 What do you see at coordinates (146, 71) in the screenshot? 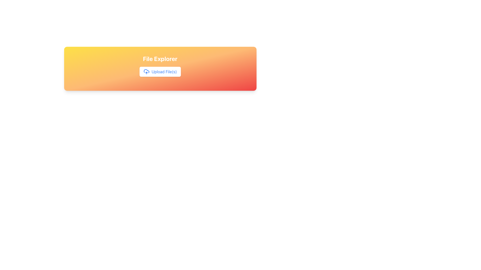
I see `the upload icon located at the center-left section of the 'Upload File(s)' button, which is positioned below 'File Explorer'` at bounding box center [146, 71].